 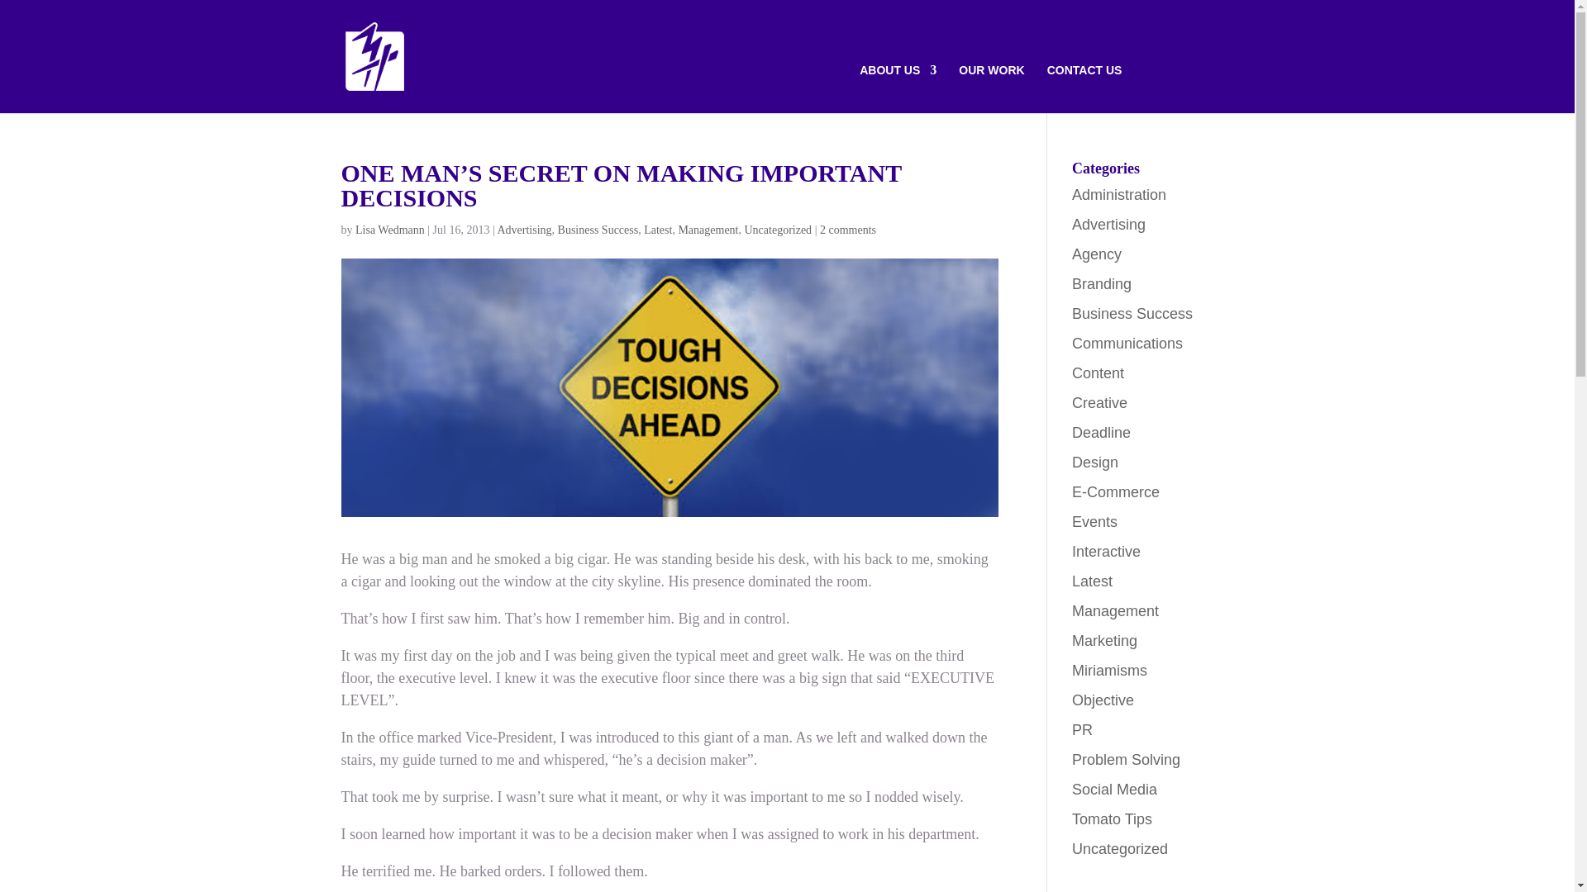 What do you see at coordinates (1118, 194) in the screenshot?
I see `'Administration'` at bounding box center [1118, 194].